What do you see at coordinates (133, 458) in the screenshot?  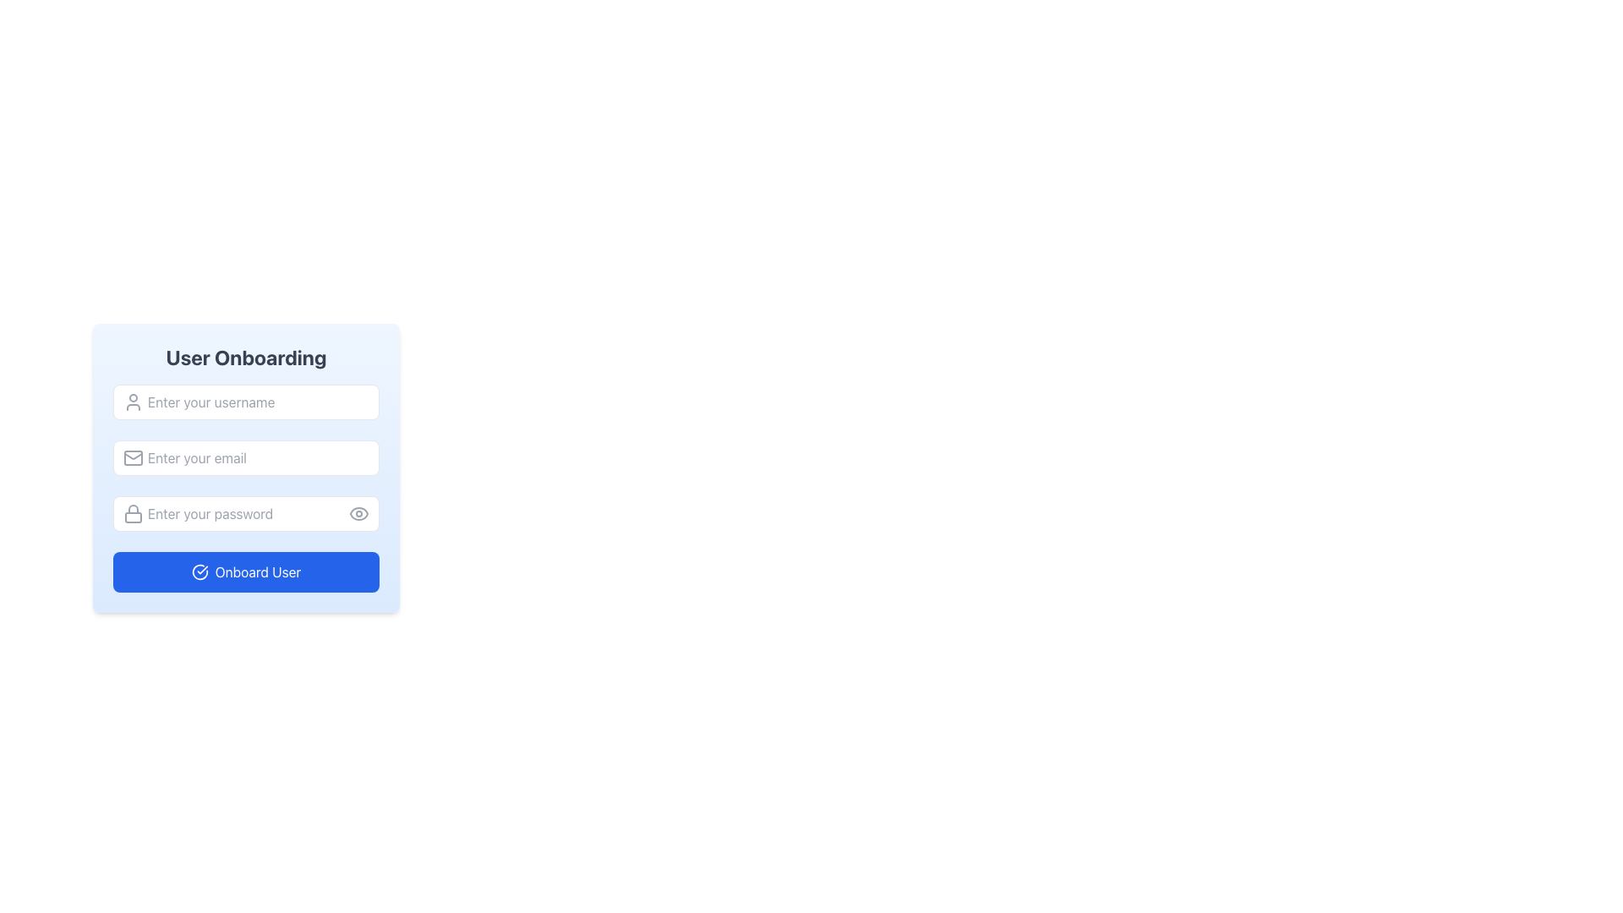 I see `the envelope icon located to the left of the email entry field, which is a rectangular shape with rounded corners and minimalistic styling, serving as a visual identifier for the field's purpose` at bounding box center [133, 458].